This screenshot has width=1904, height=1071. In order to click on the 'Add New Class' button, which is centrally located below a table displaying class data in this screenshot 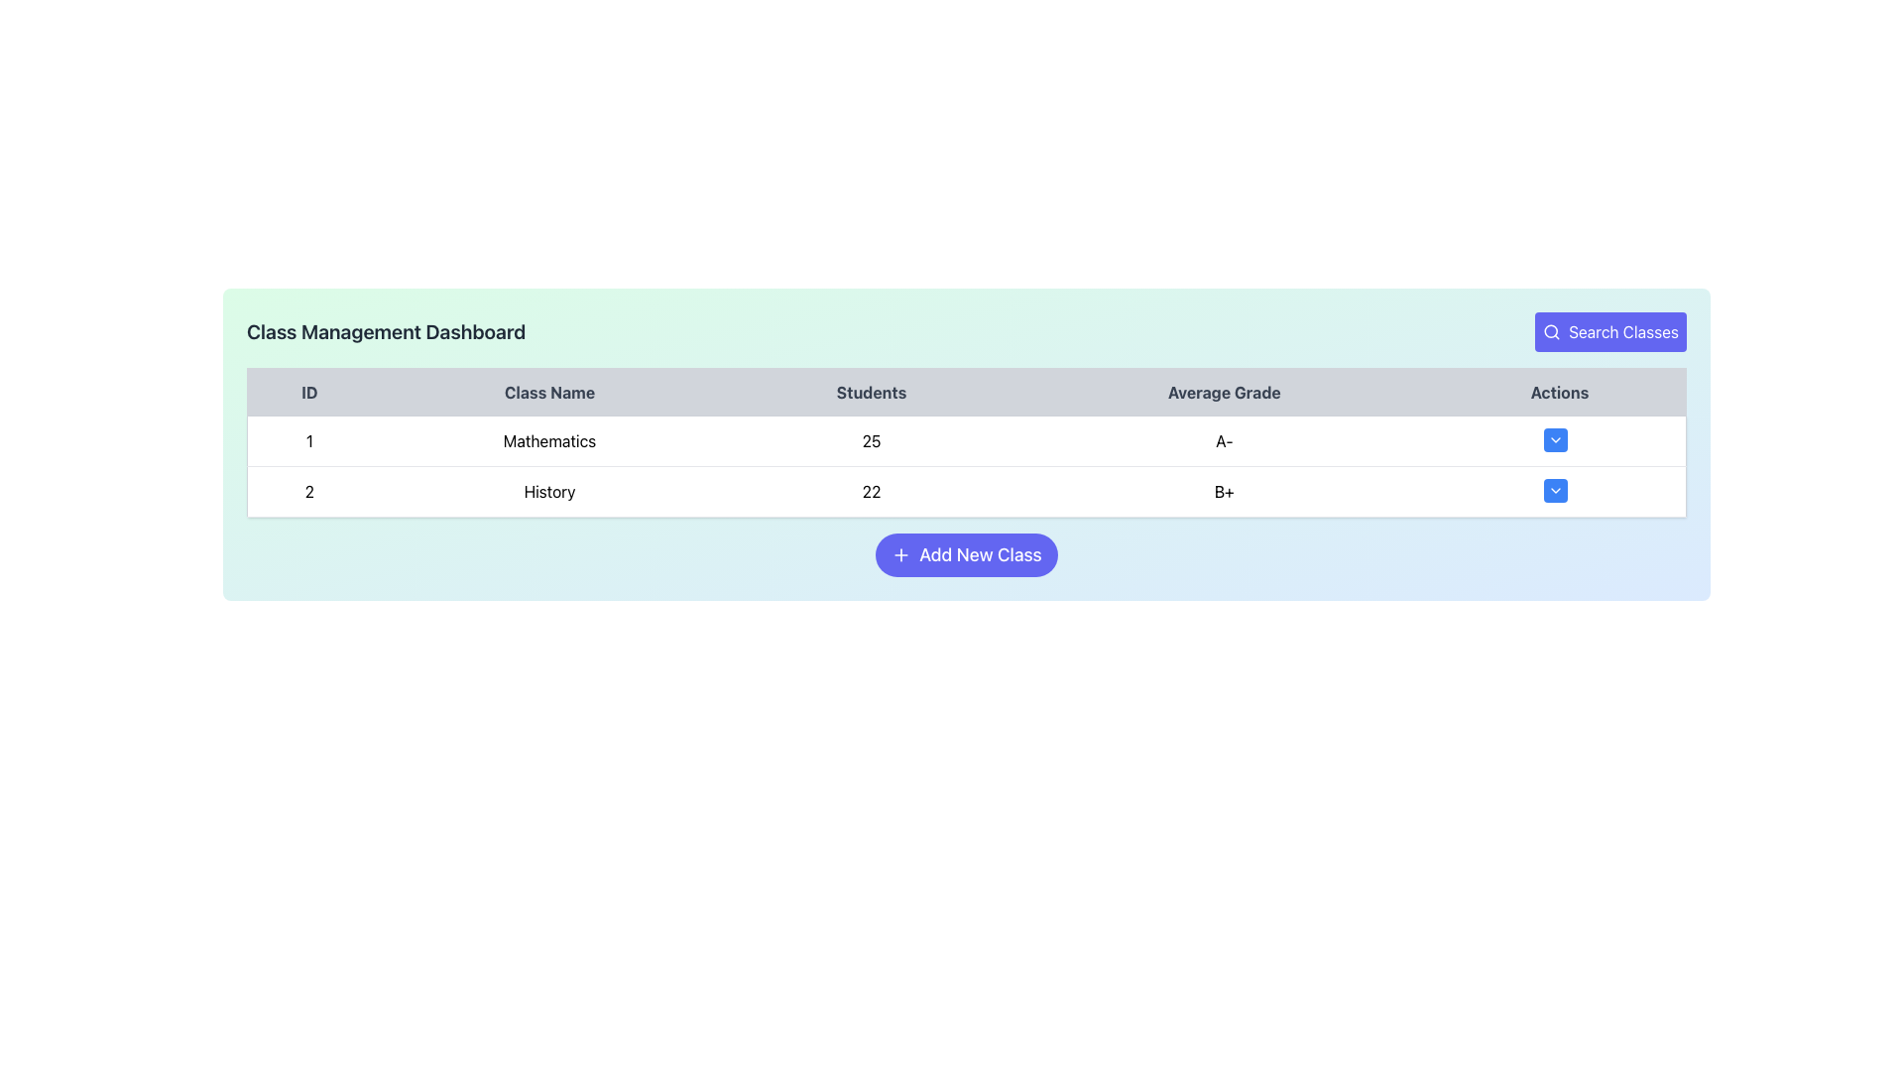, I will do `click(966, 554)`.